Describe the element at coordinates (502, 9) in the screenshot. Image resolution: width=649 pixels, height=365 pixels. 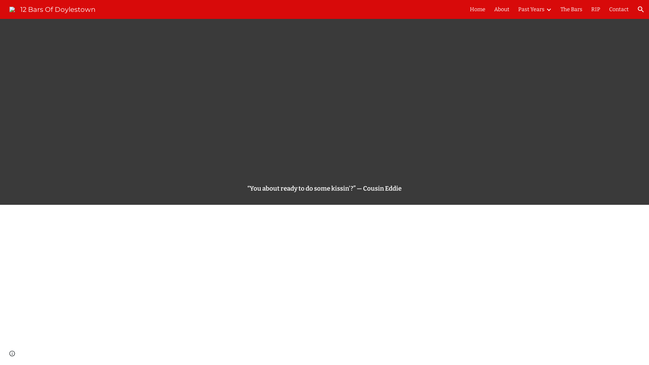
I see `'About'` at that location.